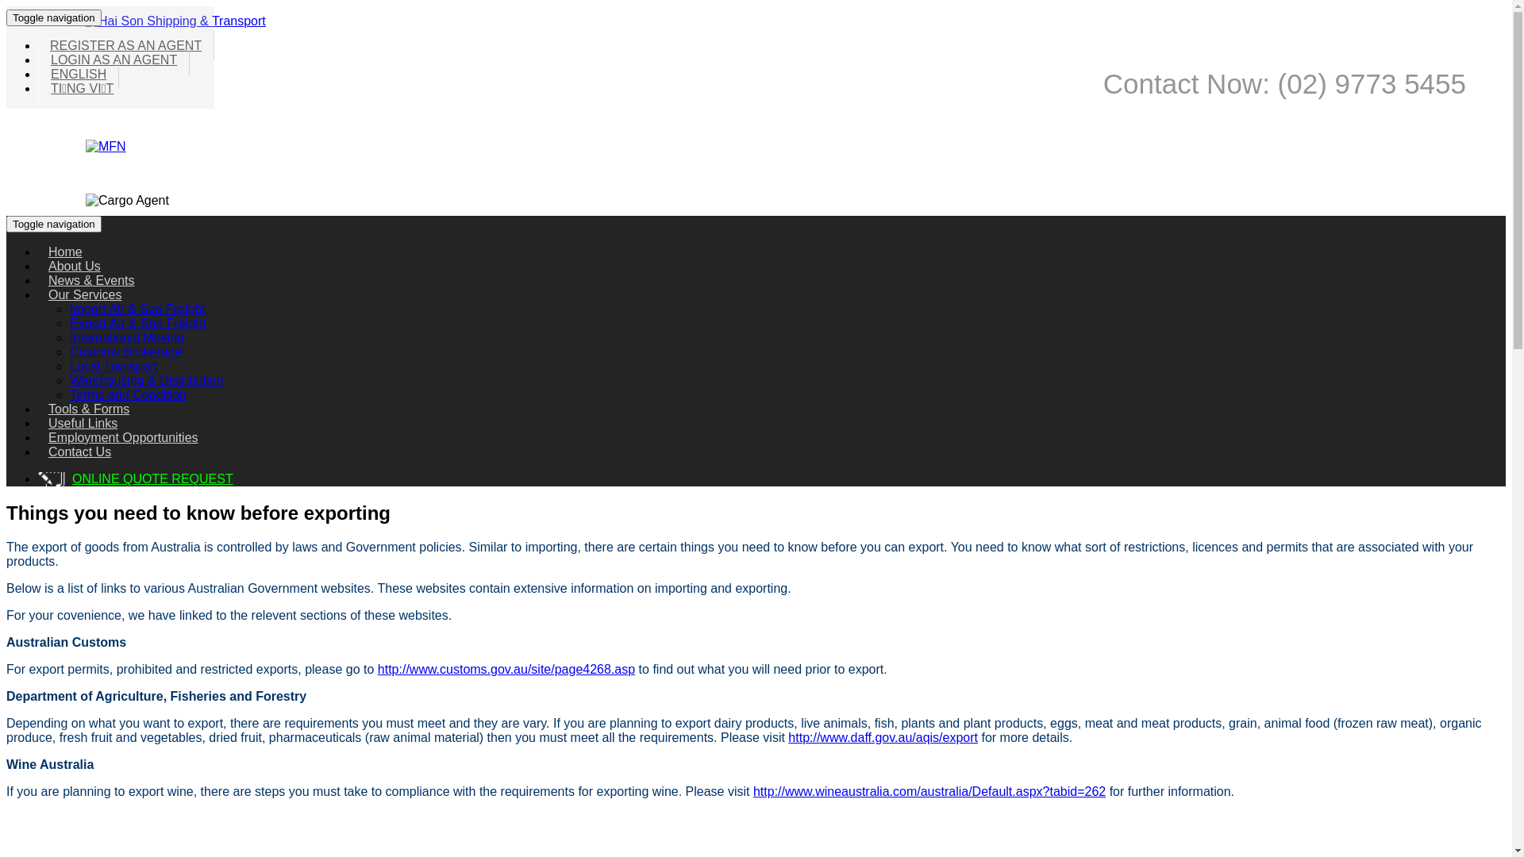 The image size is (1524, 857). Describe the element at coordinates (53, 17) in the screenshot. I see `'Toggle navigation'` at that location.